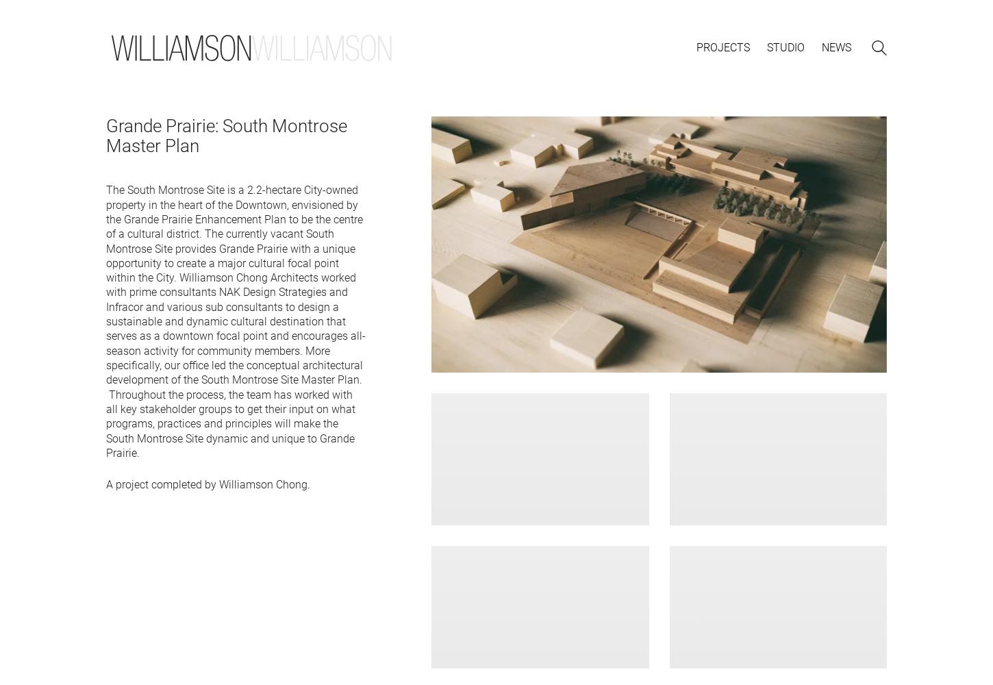 The width and height of the screenshot is (993, 685). I want to click on 'c', so click(770, 47).